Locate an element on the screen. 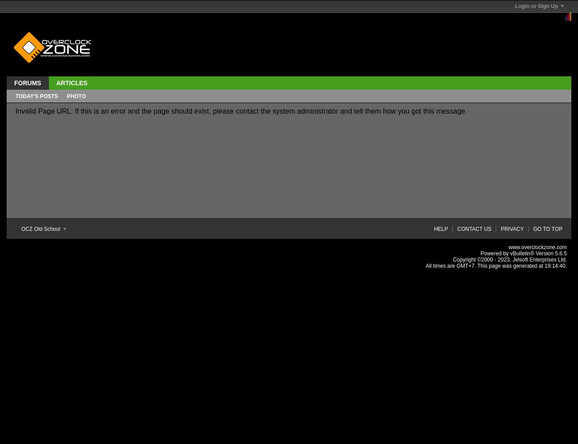  'www.overclockzone.com' is located at coordinates (537, 247).